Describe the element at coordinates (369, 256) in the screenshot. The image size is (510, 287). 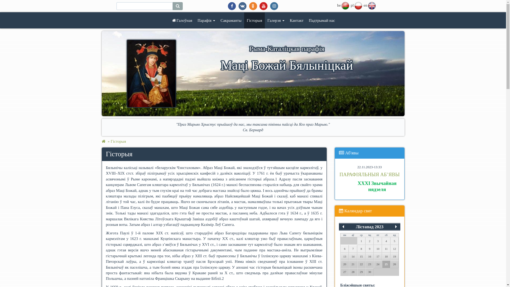
I see `'16'` at that location.